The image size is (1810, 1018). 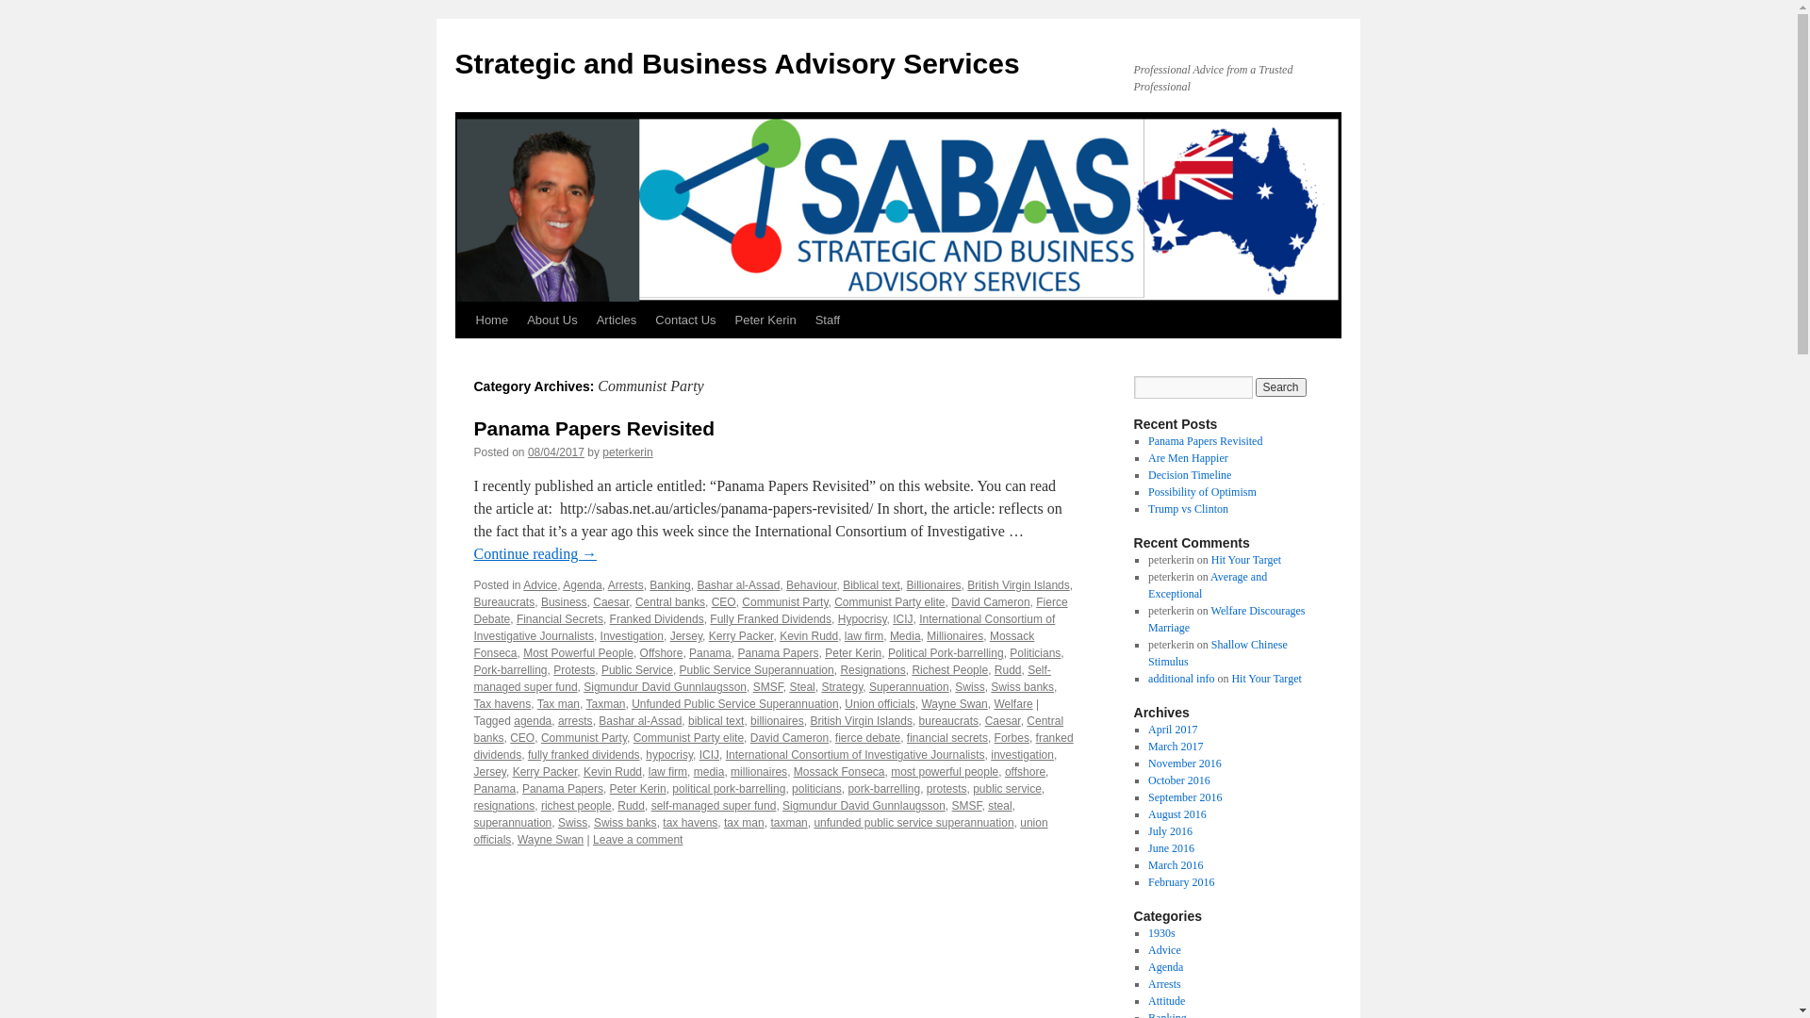 I want to click on 'June 2016', so click(x=1147, y=846).